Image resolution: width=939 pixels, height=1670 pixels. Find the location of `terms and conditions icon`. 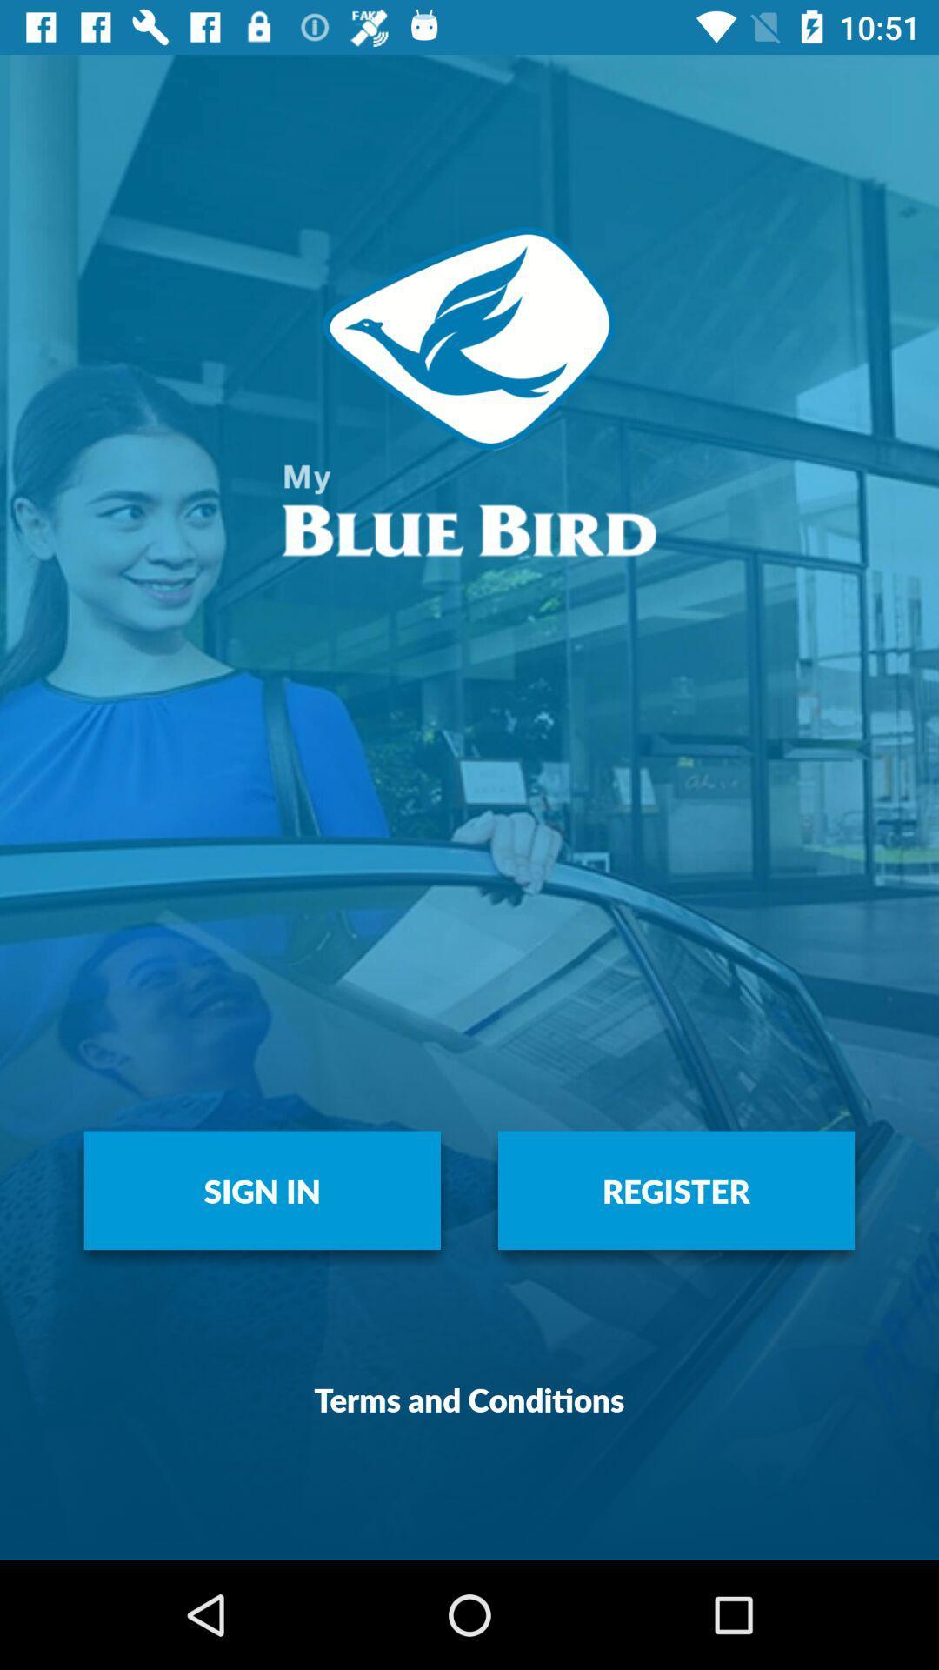

terms and conditions icon is located at coordinates (469, 1399).